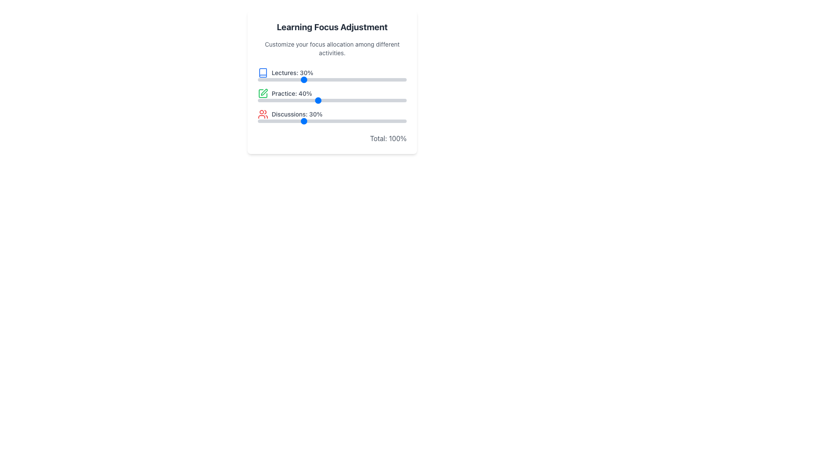 The width and height of the screenshot is (828, 466). What do you see at coordinates (393, 100) in the screenshot?
I see `the 'Practice' slider` at bounding box center [393, 100].